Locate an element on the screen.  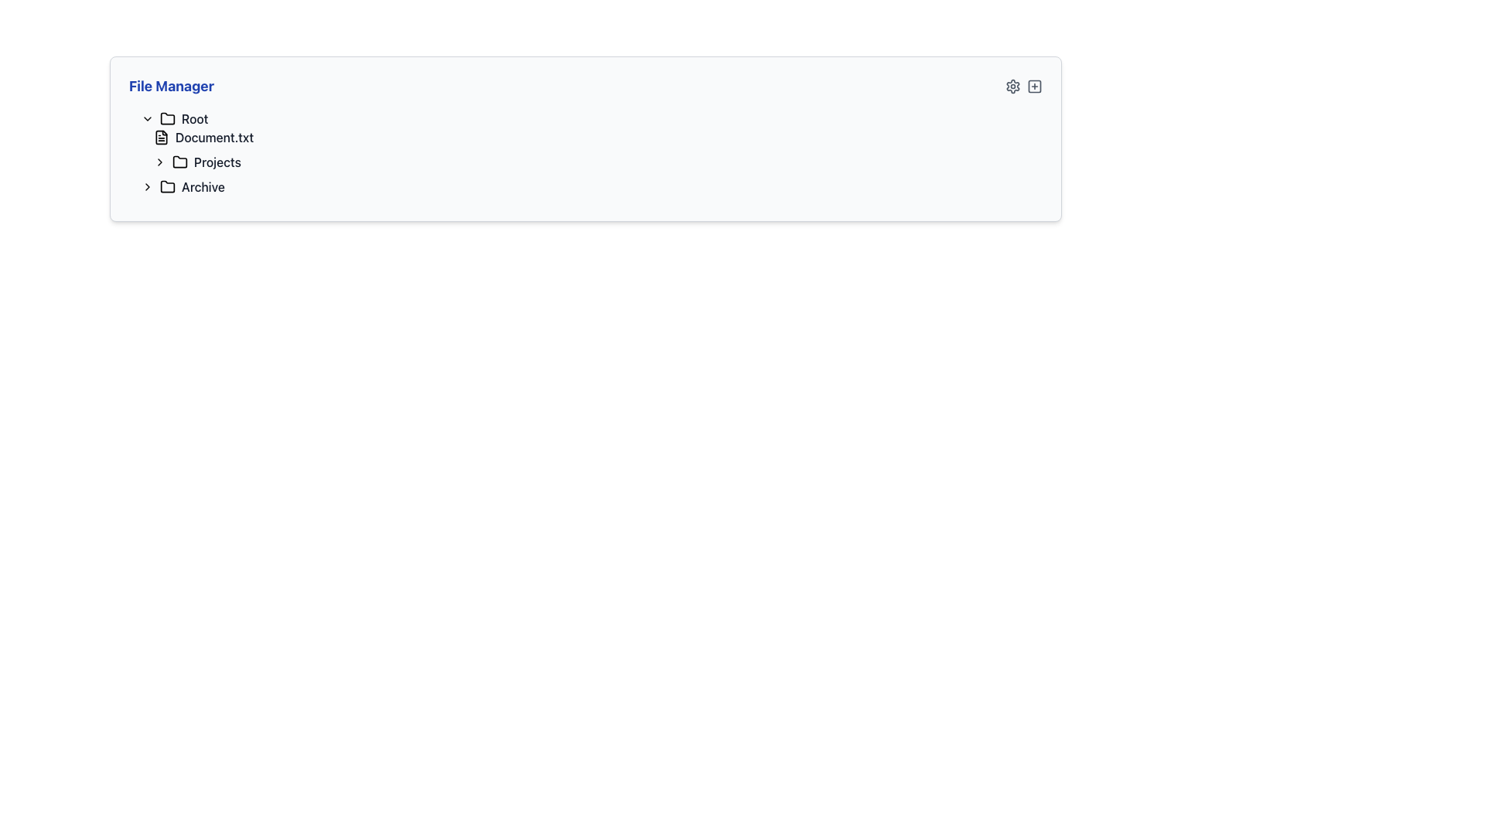
the Folder icon located next to the 'Projects' label in the 'File Manager' panel is located at coordinates (180, 161).